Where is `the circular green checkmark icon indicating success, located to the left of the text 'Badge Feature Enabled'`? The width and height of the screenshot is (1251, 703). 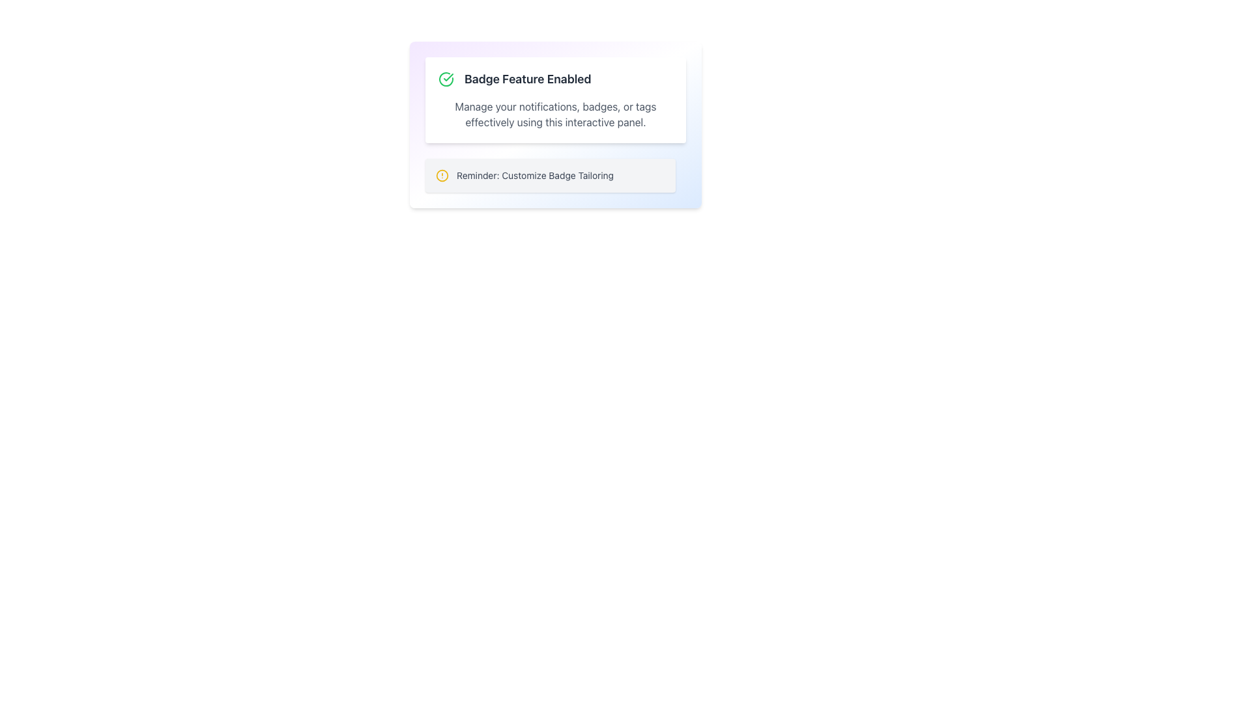
the circular green checkmark icon indicating success, located to the left of the text 'Badge Feature Enabled' is located at coordinates (446, 79).